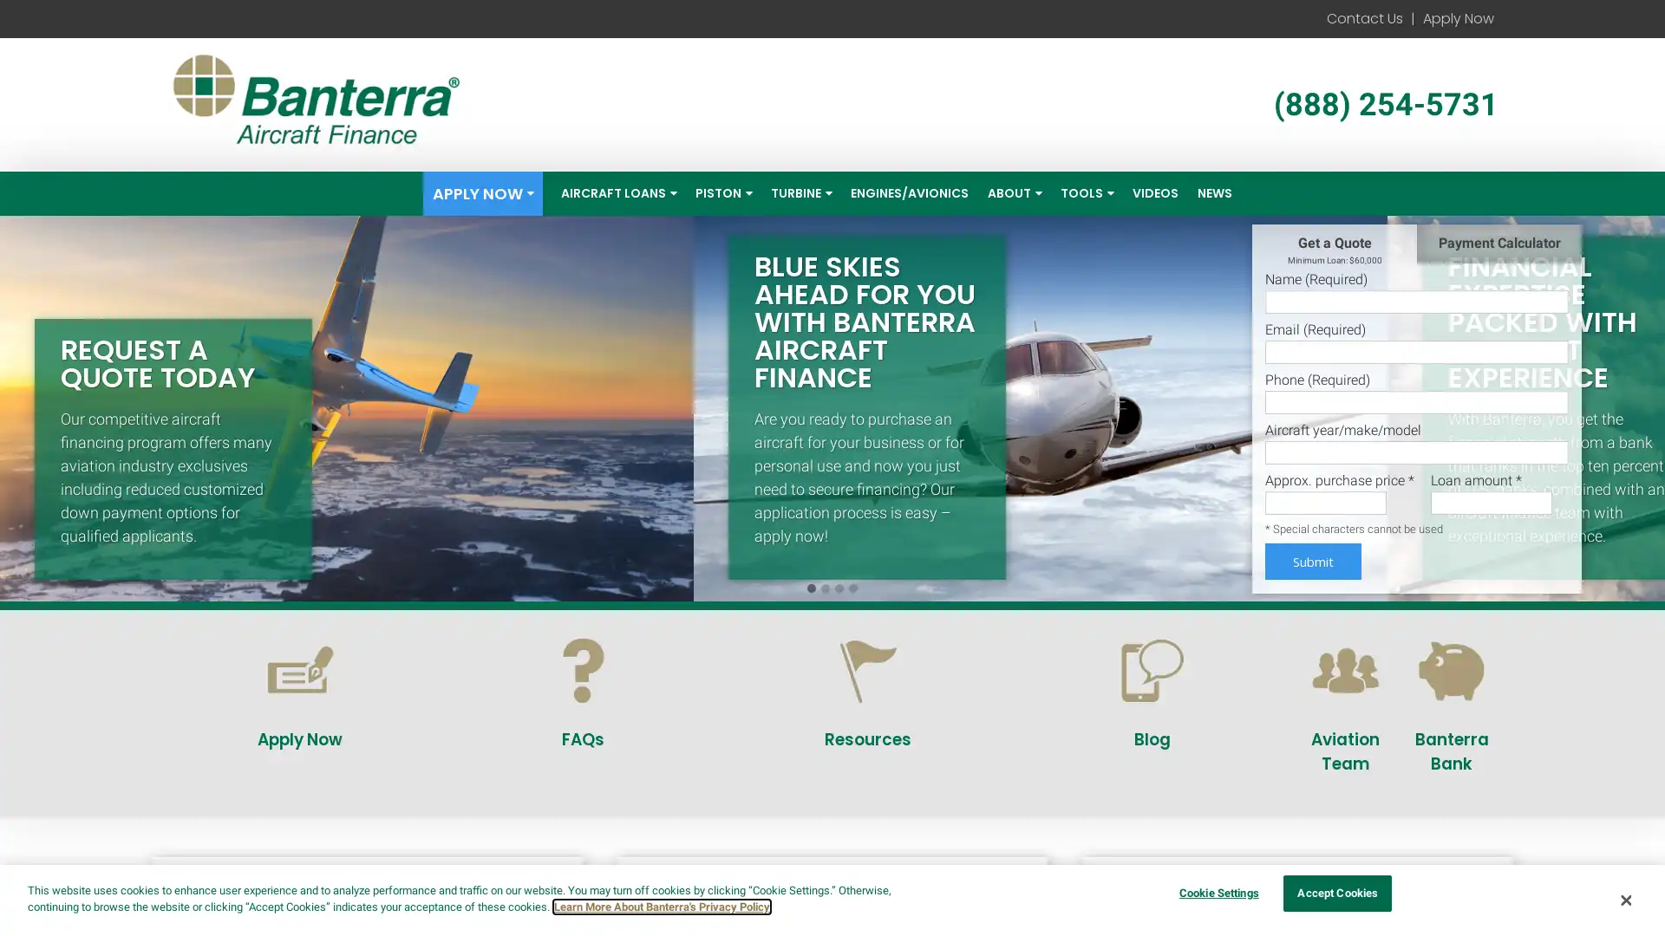 The width and height of the screenshot is (1665, 936). I want to click on Submit, so click(1313, 562).